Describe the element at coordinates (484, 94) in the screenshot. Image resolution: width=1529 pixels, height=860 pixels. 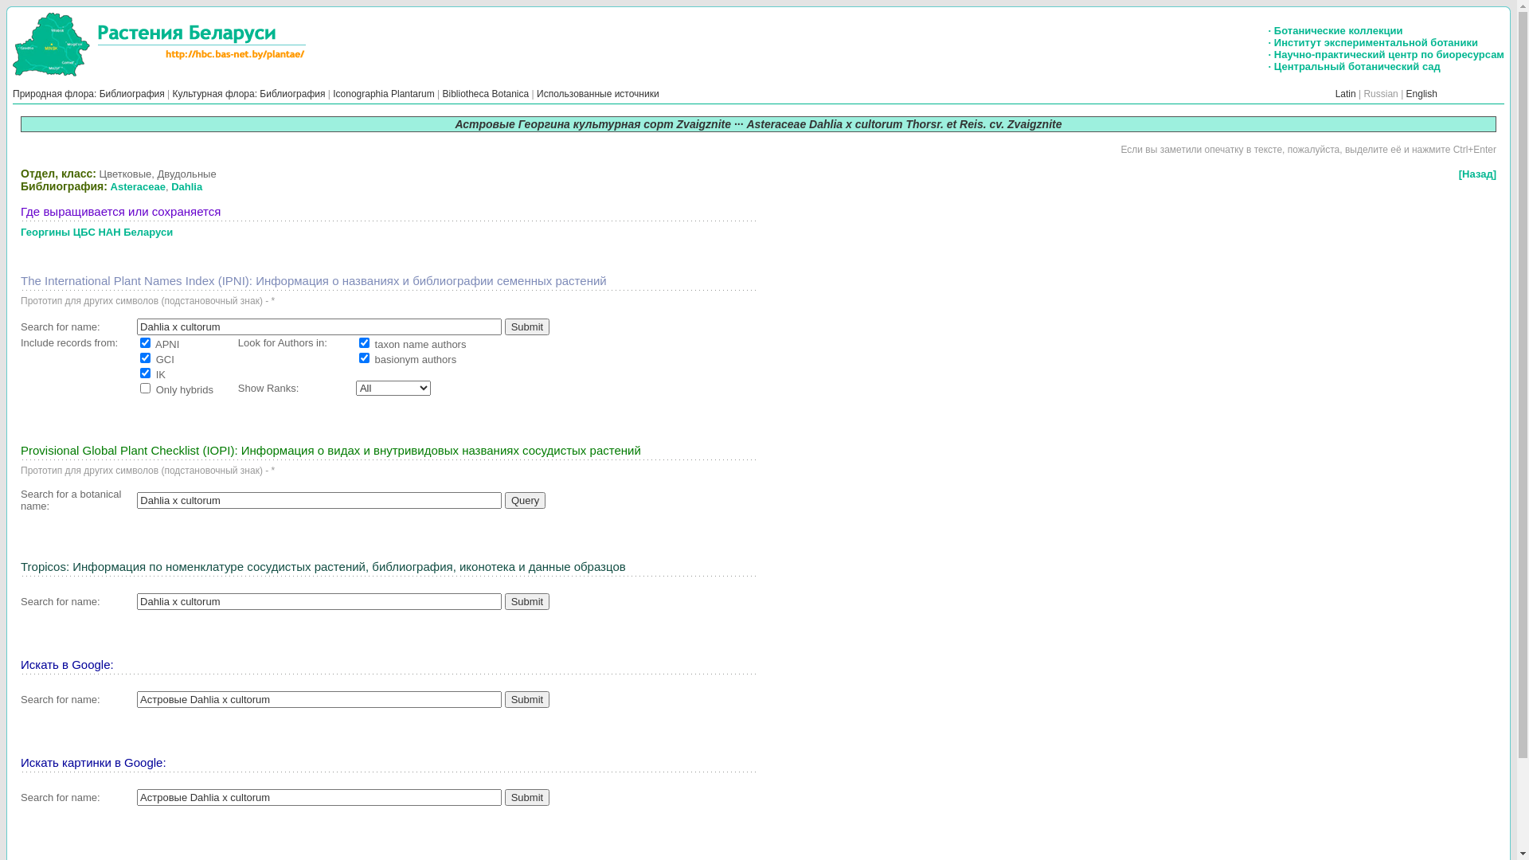
I see `'Bibliotheca Botanica'` at that location.